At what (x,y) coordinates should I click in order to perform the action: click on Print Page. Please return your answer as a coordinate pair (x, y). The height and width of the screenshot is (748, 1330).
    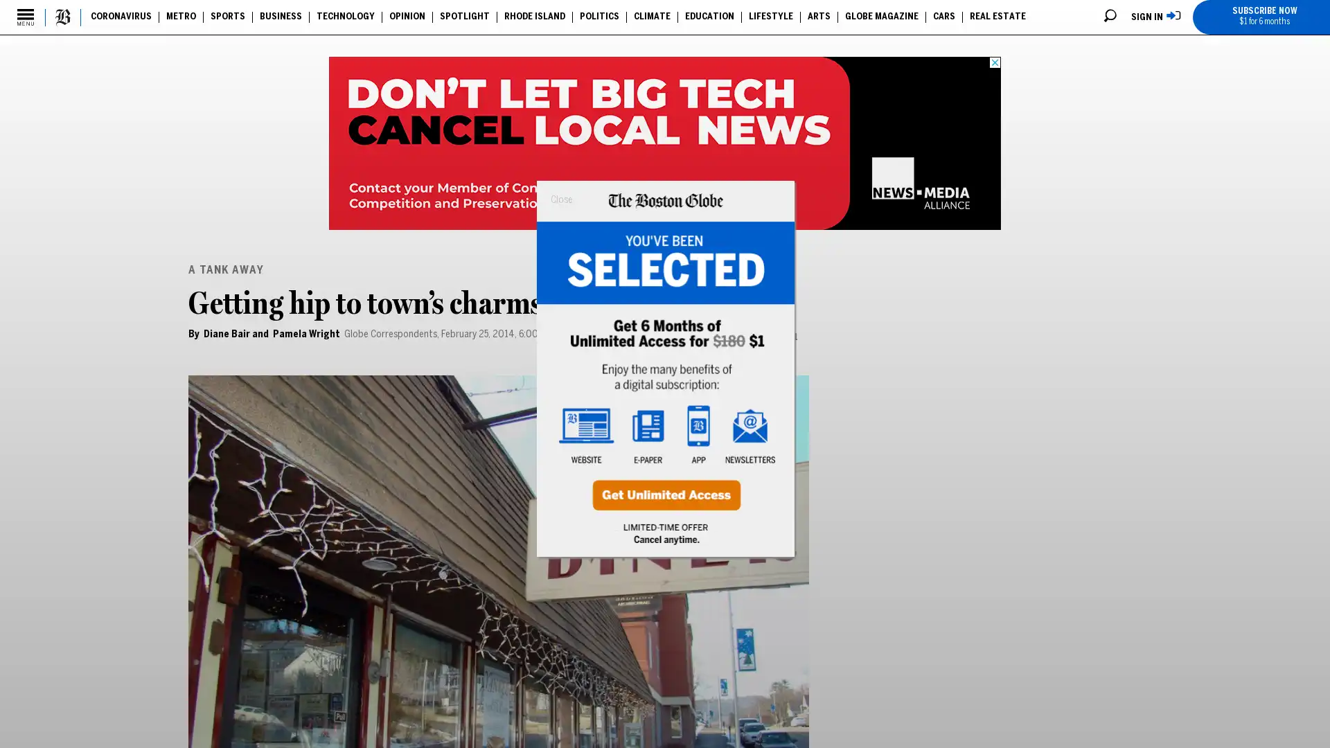
    Looking at the image, I should click on (754, 338).